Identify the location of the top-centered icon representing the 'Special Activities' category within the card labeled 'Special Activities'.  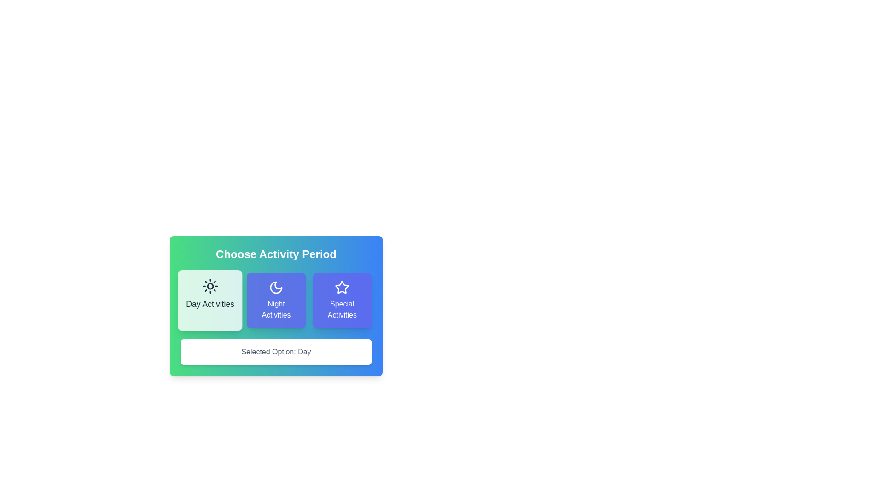
(342, 287).